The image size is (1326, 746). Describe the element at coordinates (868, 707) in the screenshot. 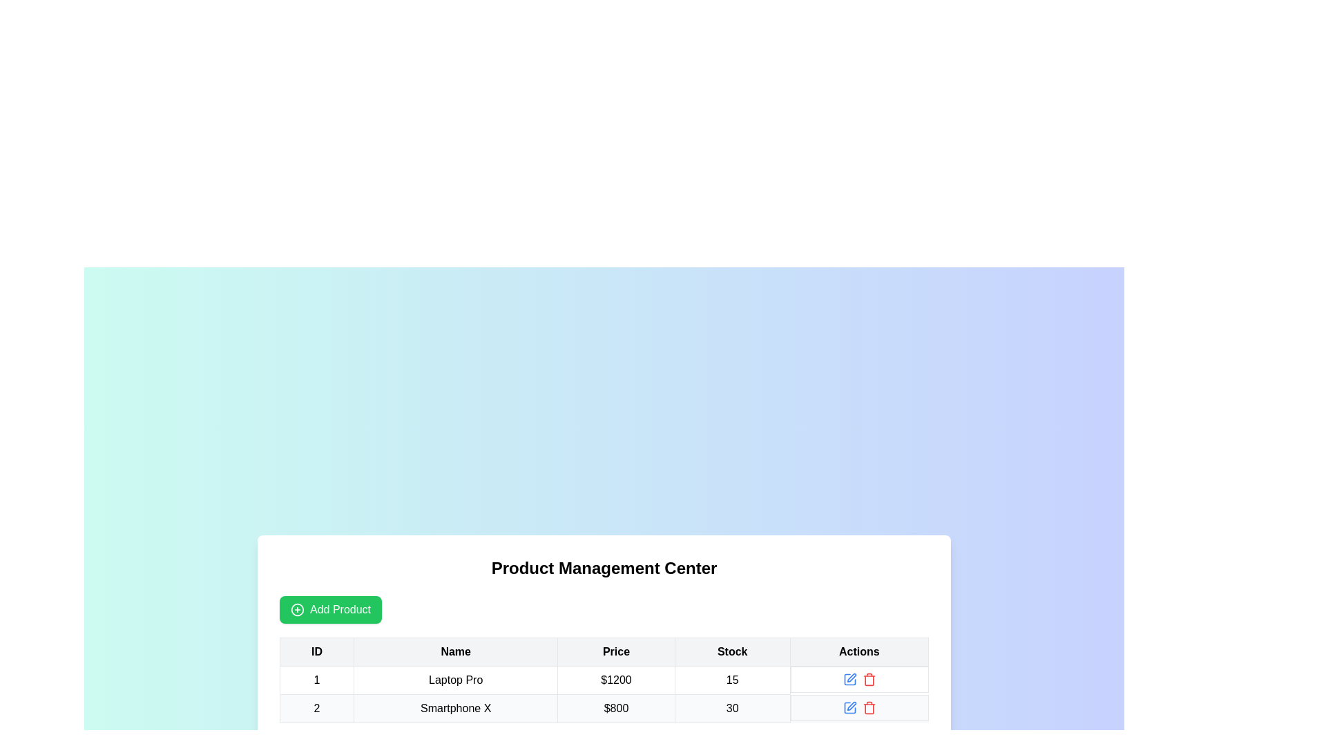

I see `the red trash bin icon button in the second row of the 'Actions' column` at that location.